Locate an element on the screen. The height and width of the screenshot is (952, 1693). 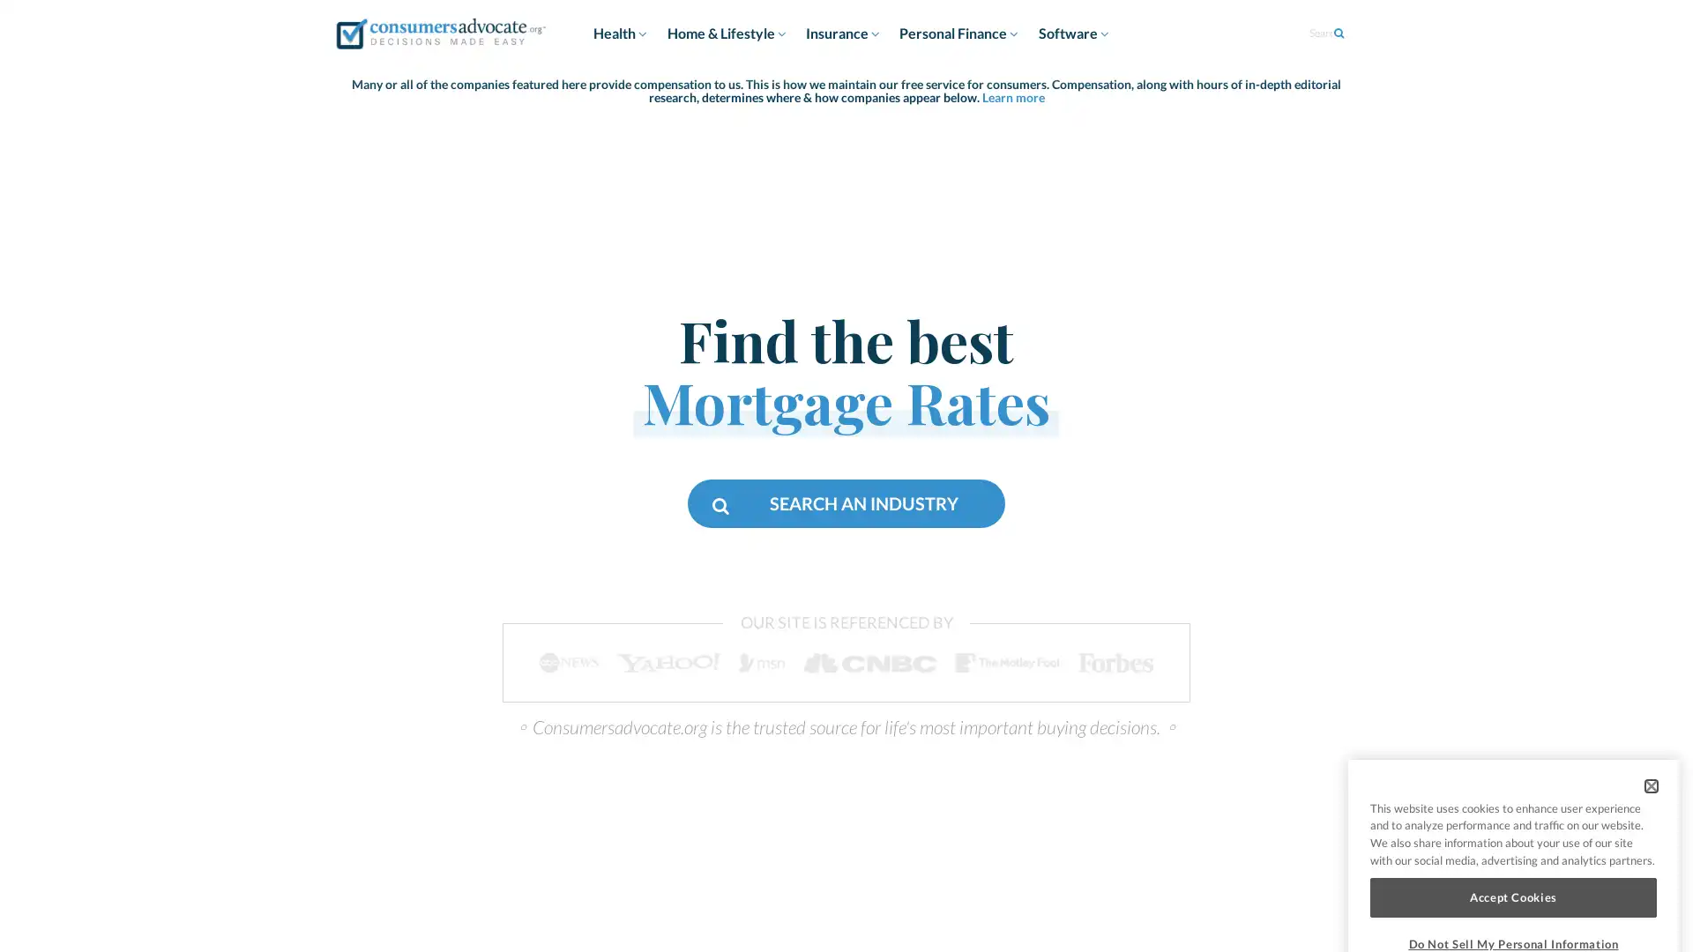
Accept Cookies is located at coordinates (1512, 836).